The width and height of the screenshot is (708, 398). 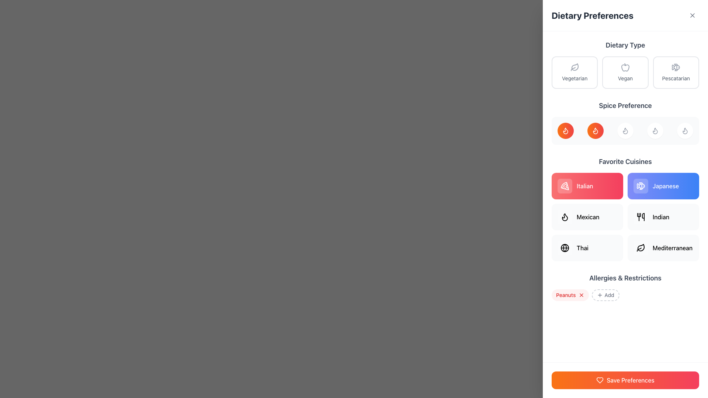 I want to click on the close button located at the top right corner of the dietary preferences modal to change its shadow effect, so click(x=693, y=14).